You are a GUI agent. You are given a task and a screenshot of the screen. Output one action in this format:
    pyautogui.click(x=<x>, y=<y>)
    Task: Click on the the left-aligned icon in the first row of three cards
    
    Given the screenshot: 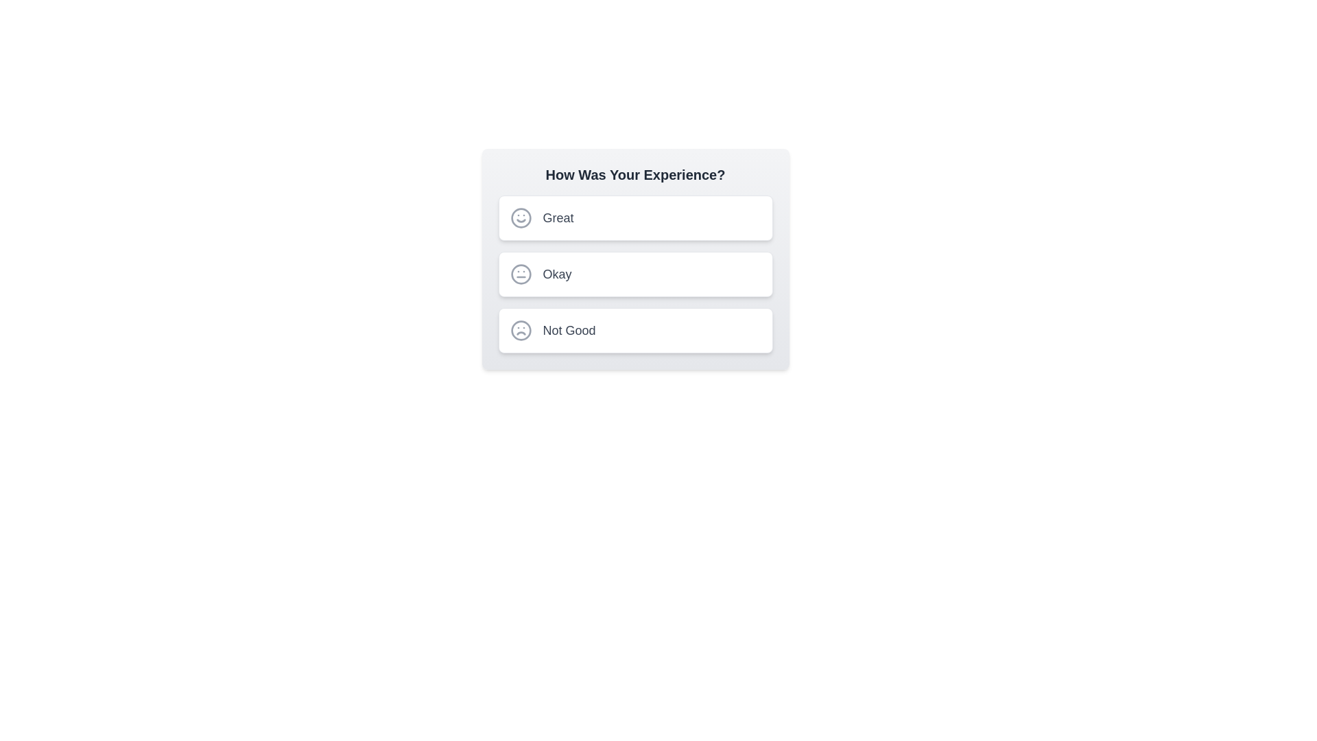 What is the action you would take?
    pyautogui.click(x=520, y=217)
    